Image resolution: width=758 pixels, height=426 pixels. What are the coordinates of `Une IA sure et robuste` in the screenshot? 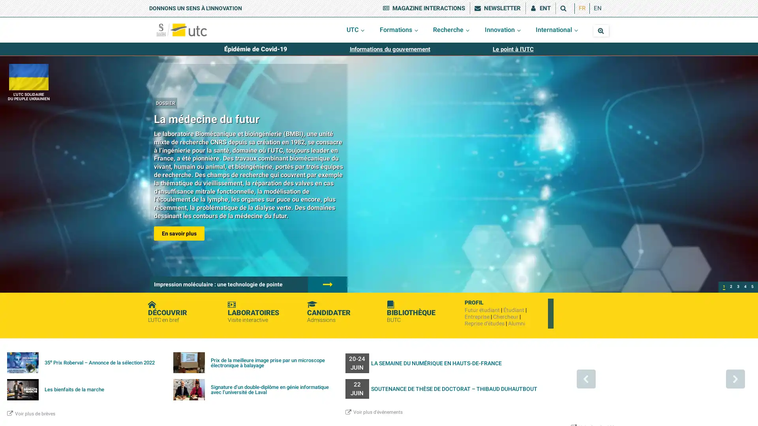 It's located at (745, 287).